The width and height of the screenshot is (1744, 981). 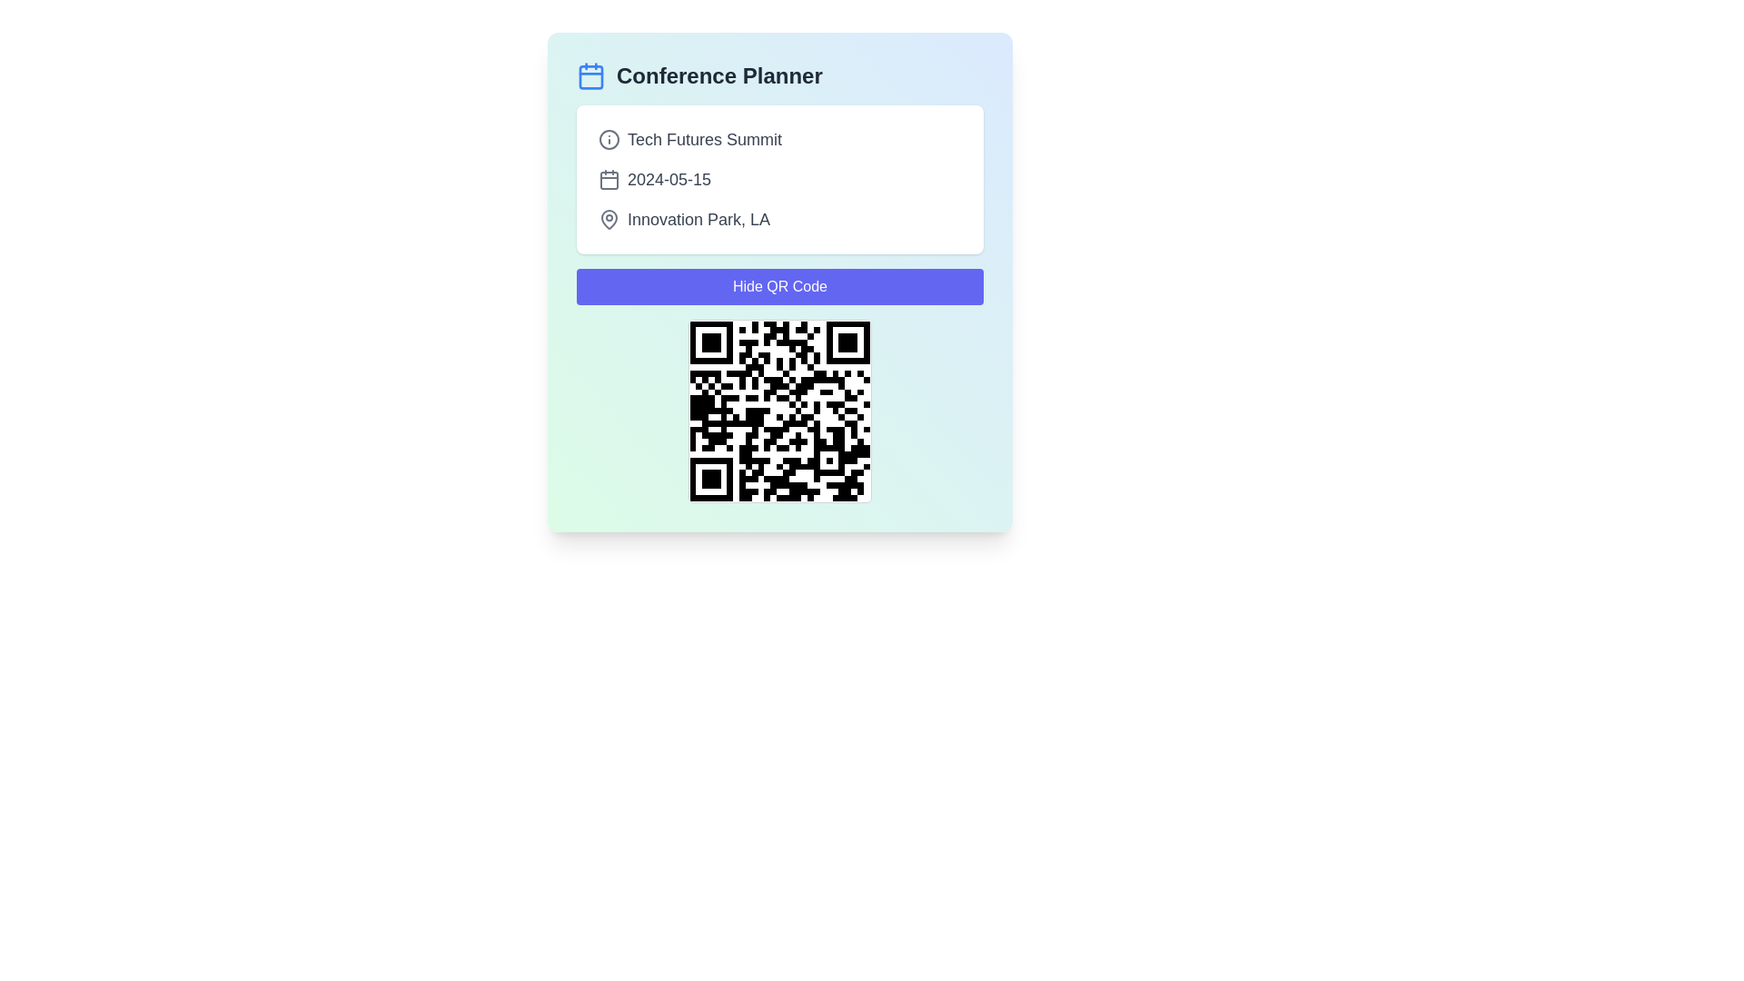 What do you see at coordinates (669, 179) in the screenshot?
I see `the Text label displaying the date '2024-05-15', which is styled in gray and is part of the 'Conference Planner' card, positioned in the top-right portion of the interface` at bounding box center [669, 179].